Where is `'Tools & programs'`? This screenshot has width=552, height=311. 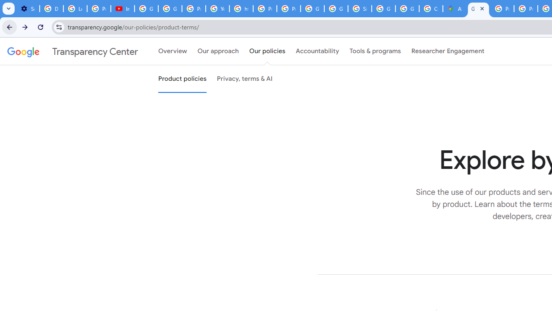
'Tools & programs' is located at coordinates (375, 51).